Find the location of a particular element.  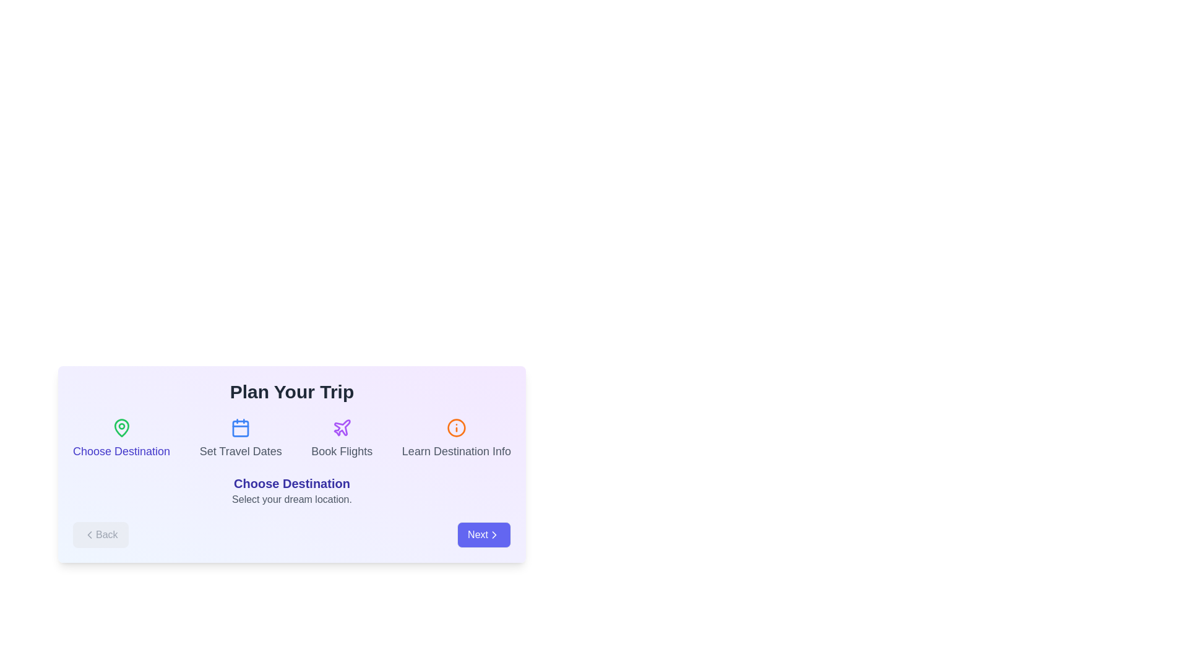

descriptive text located directly below the 'Choose Destination' heading, which specifies the purpose or next step related to that option is located at coordinates (291, 499).